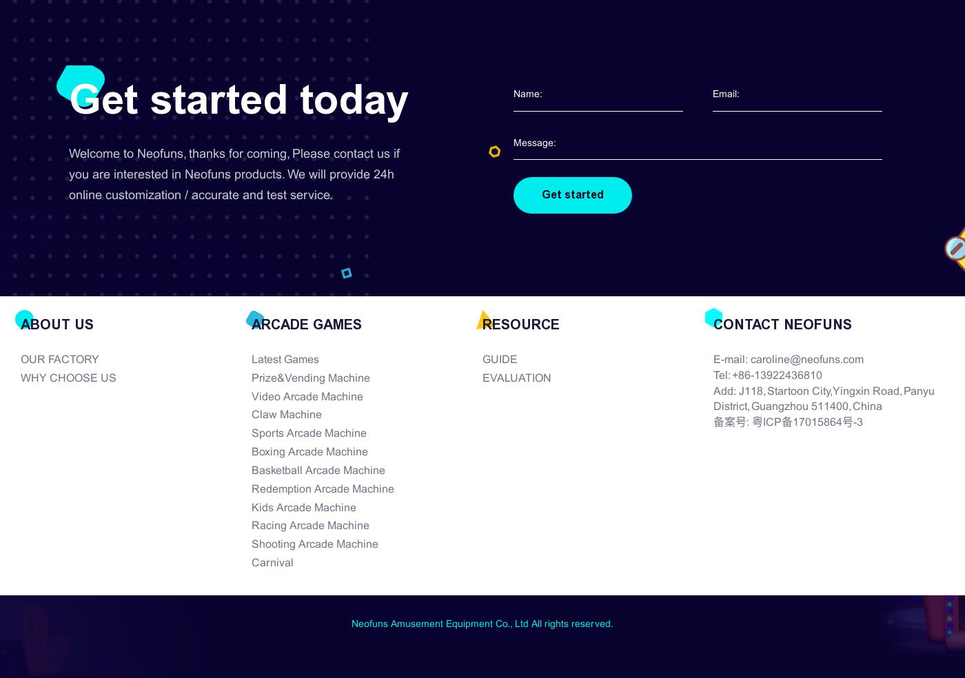  What do you see at coordinates (724, 390) in the screenshot?
I see `'Add:'` at bounding box center [724, 390].